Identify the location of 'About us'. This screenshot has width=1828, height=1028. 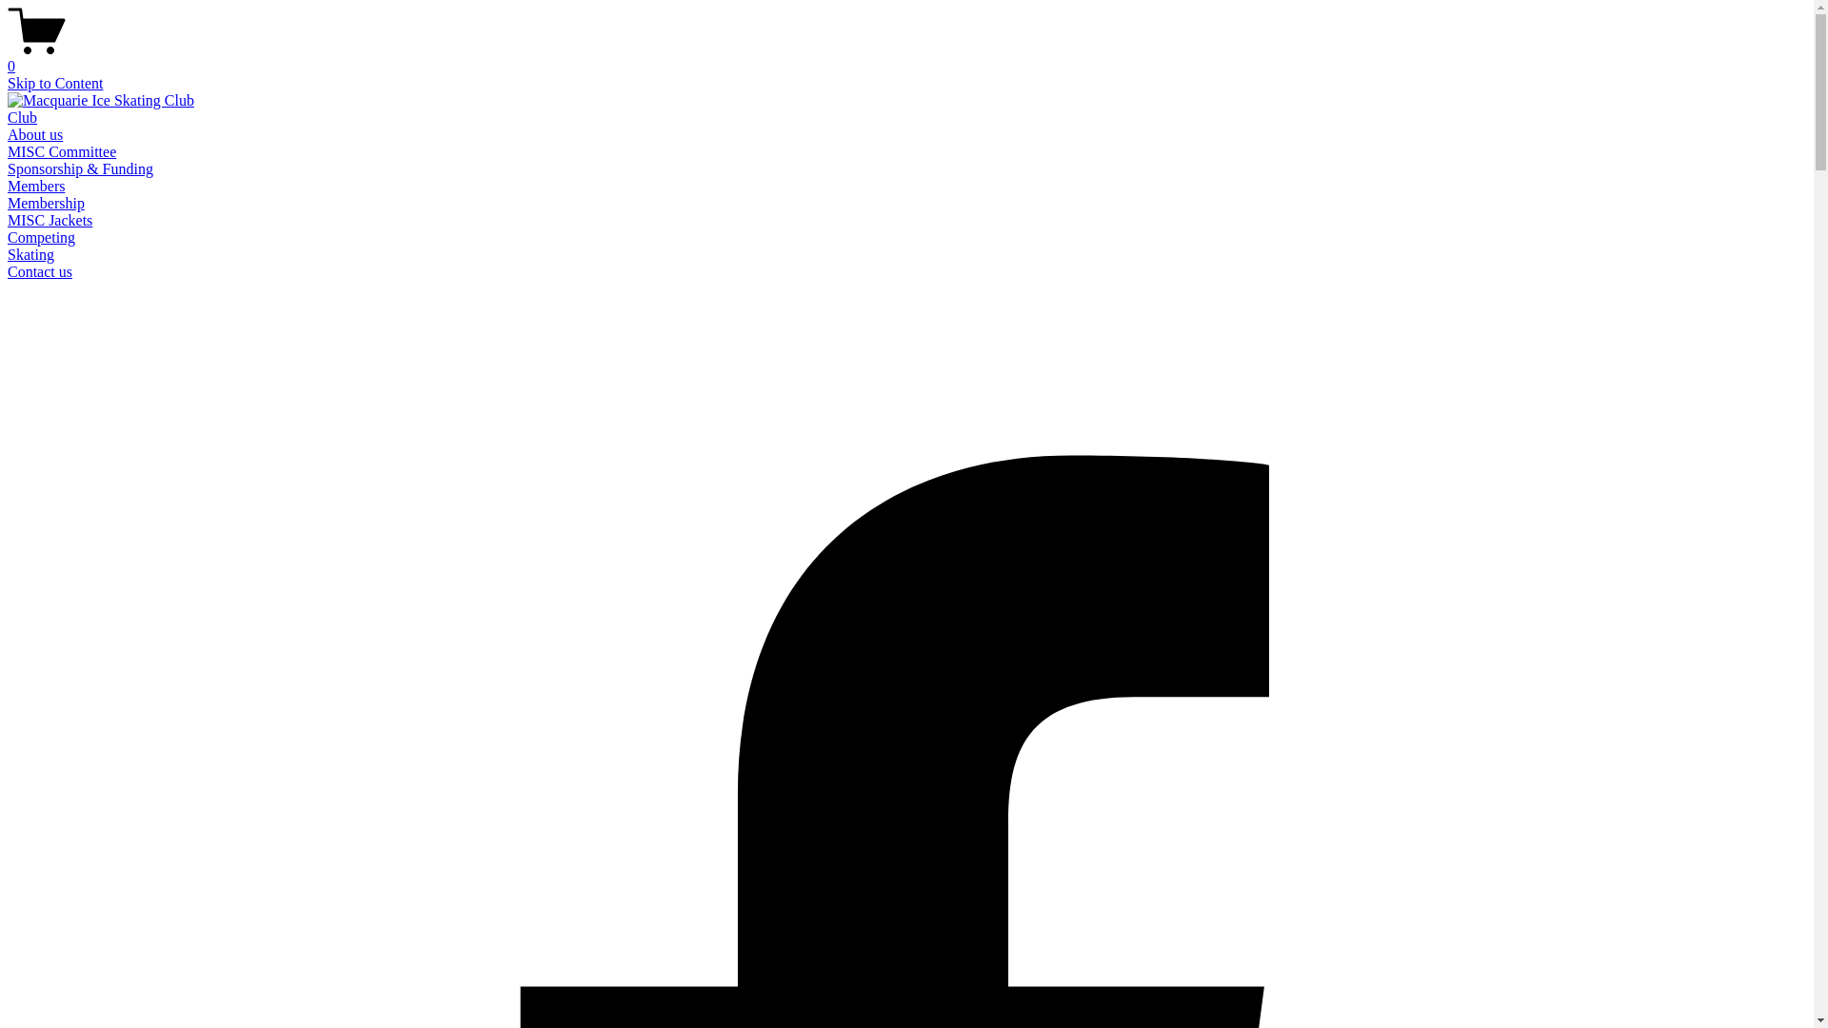
(35, 133).